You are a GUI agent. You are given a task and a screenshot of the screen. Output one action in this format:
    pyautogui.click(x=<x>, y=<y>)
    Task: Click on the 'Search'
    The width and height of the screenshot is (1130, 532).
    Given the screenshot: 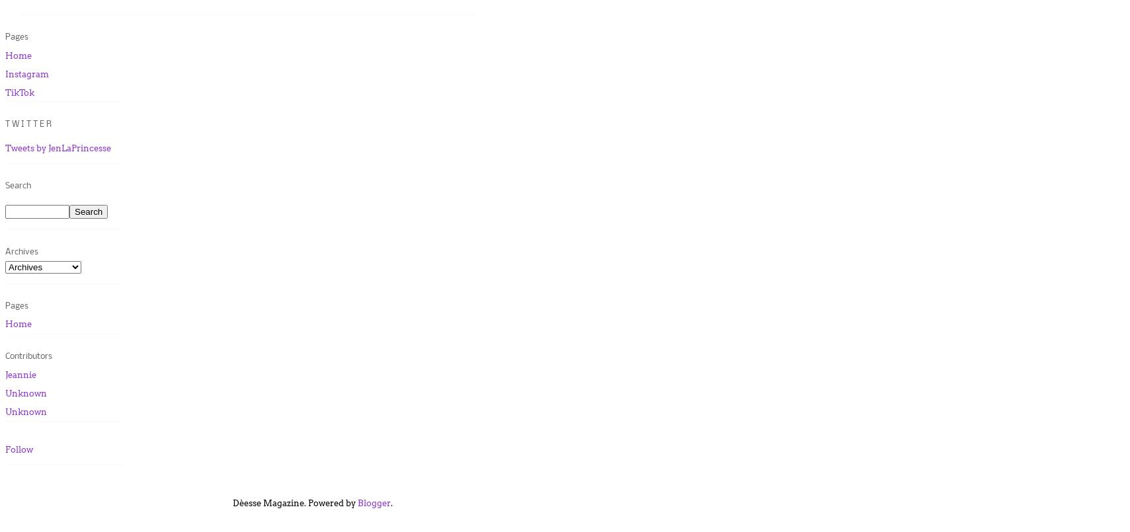 What is the action you would take?
    pyautogui.click(x=17, y=186)
    